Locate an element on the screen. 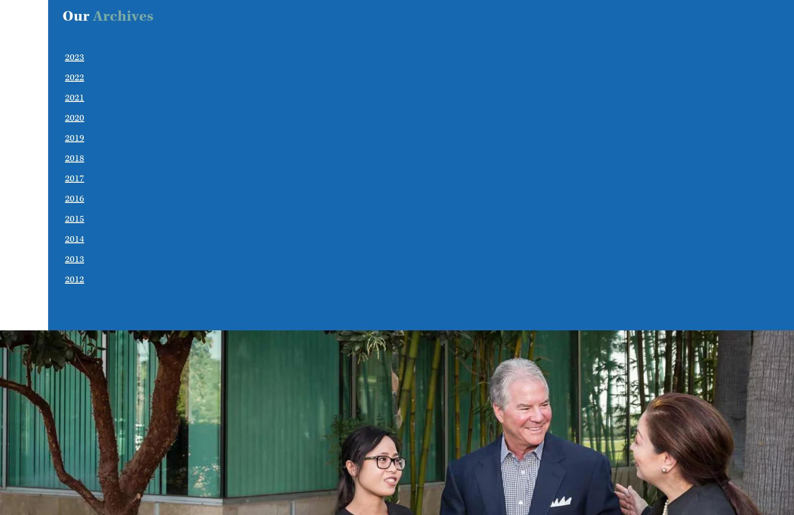  '2017' is located at coordinates (74, 178).